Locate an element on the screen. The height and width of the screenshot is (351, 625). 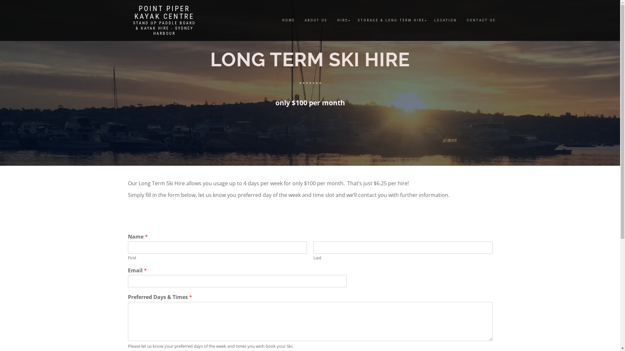
'CONTACT US' is located at coordinates (481, 20).